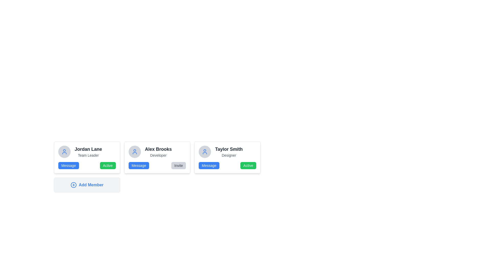  I want to click on the blue button with rounded corners labeled 'Message' located in the bottom-left of the 'Alex Brooks' panel, so click(139, 166).